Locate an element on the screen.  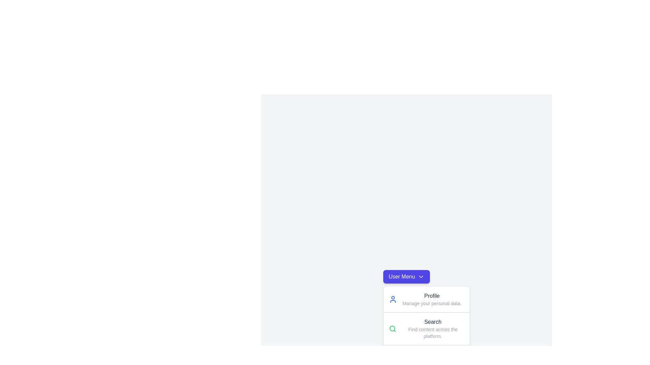
the second menu item in the 'User Menu' dropdown is located at coordinates (426, 328).